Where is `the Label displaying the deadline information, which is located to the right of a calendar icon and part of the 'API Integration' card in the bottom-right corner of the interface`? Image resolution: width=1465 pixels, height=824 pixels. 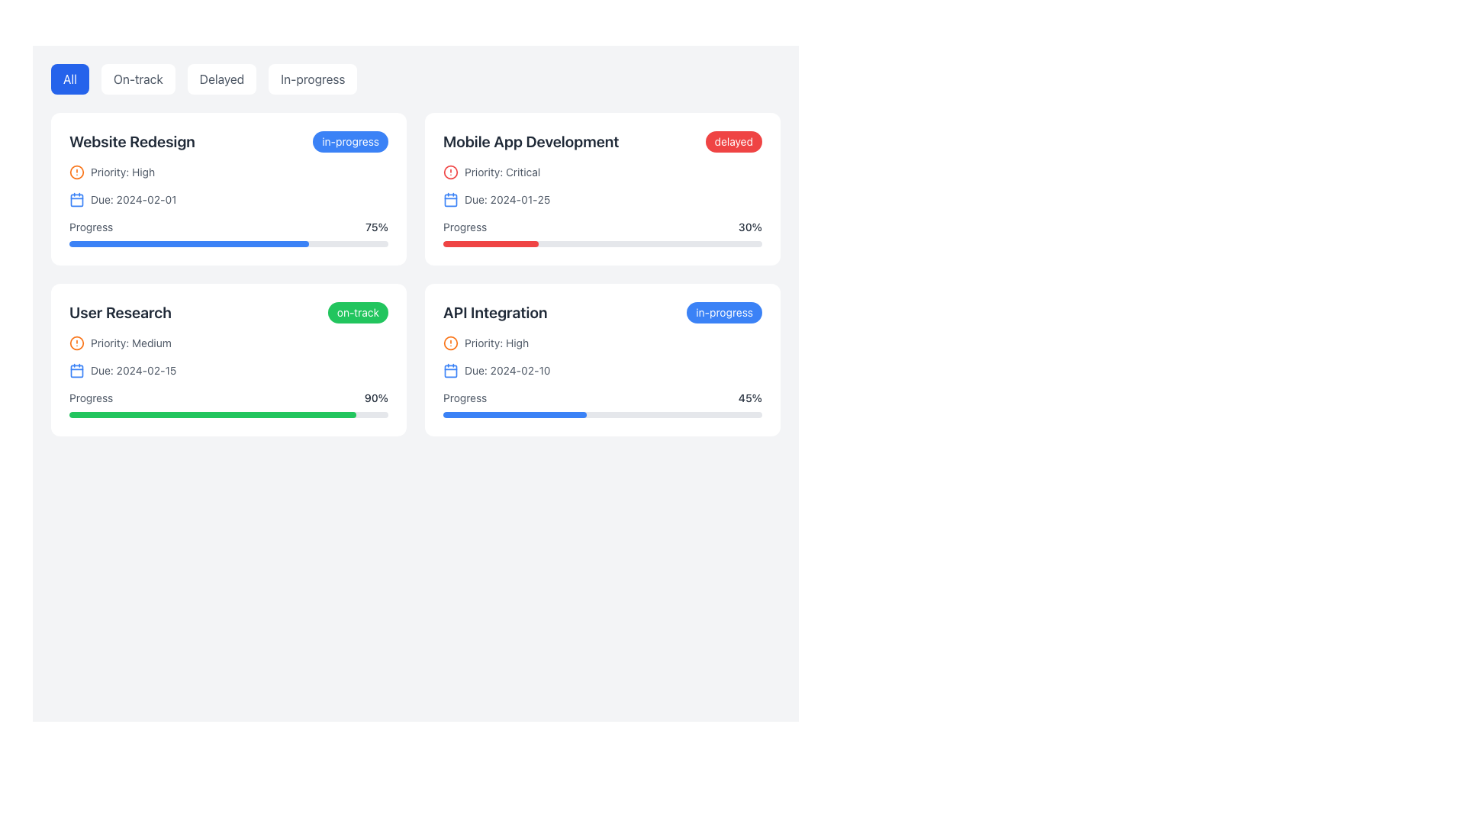 the Label displaying the deadline information, which is located to the right of a calendar icon and part of the 'API Integration' card in the bottom-right corner of the interface is located at coordinates (507, 371).